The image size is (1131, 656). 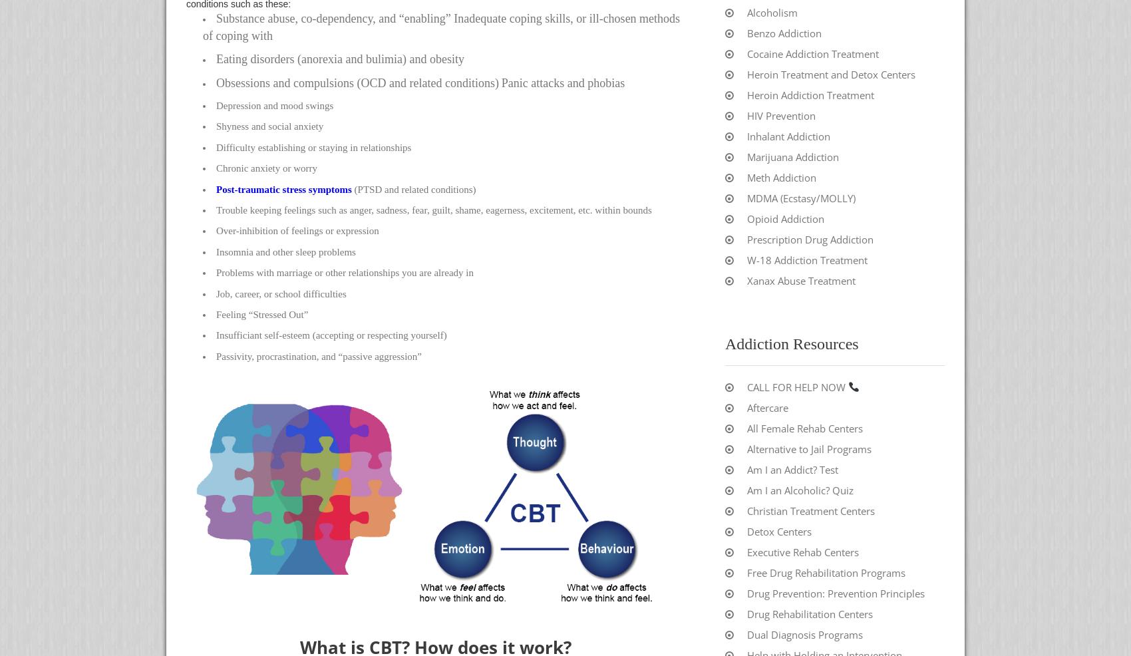 What do you see at coordinates (269, 126) in the screenshot?
I see `'Shyness and social anxiety'` at bounding box center [269, 126].